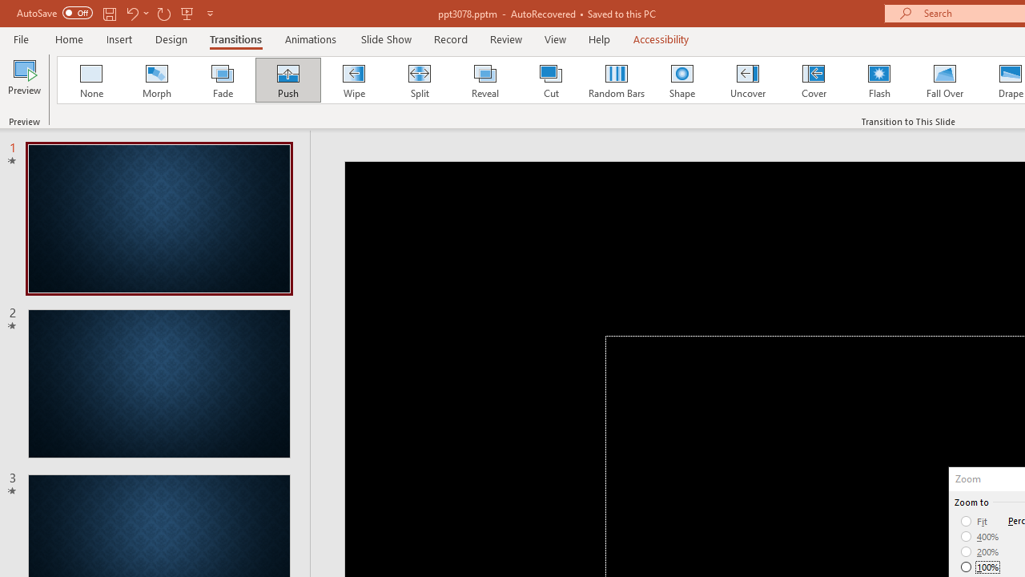 This screenshot has width=1025, height=577. What do you see at coordinates (352, 80) in the screenshot?
I see `'Wipe'` at bounding box center [352, 80].